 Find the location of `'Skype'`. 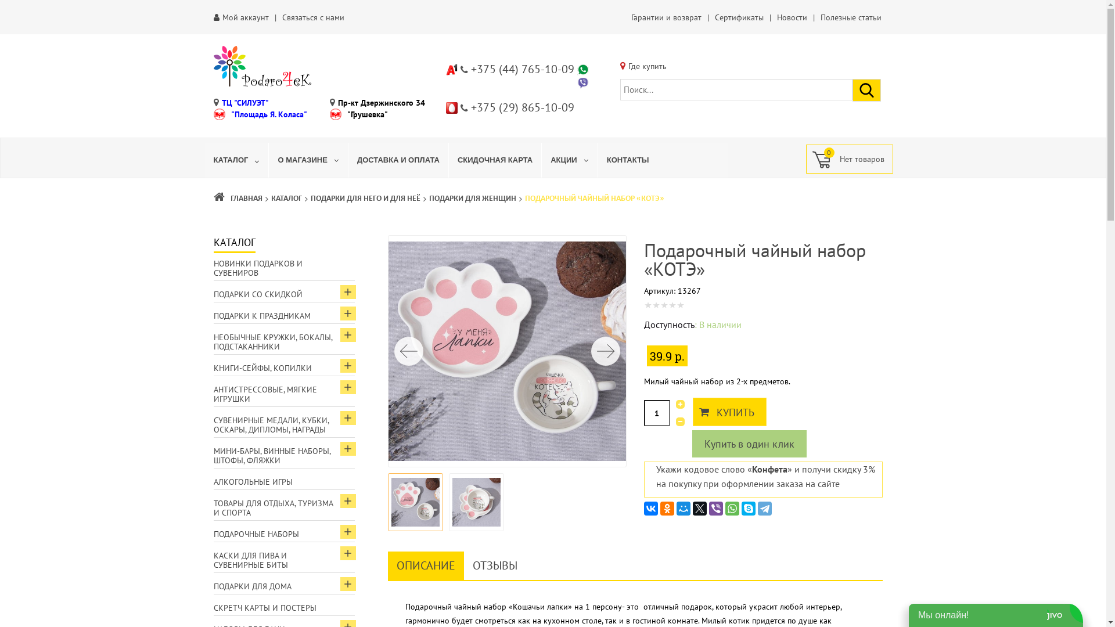

'Skype' is located at coordinates (740, 507).